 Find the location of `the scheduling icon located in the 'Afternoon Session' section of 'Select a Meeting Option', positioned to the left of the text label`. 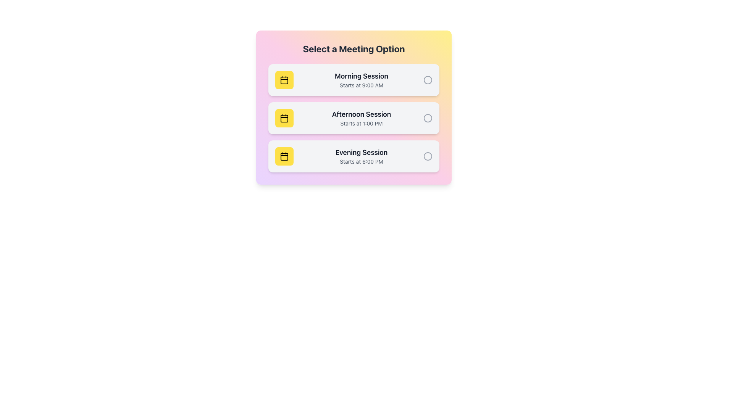

the scheduling icon located in the 'Afternoon Session' section of 'Select a Meeting Option', positioned to the left of the text label is located at coordinates (284, 118).